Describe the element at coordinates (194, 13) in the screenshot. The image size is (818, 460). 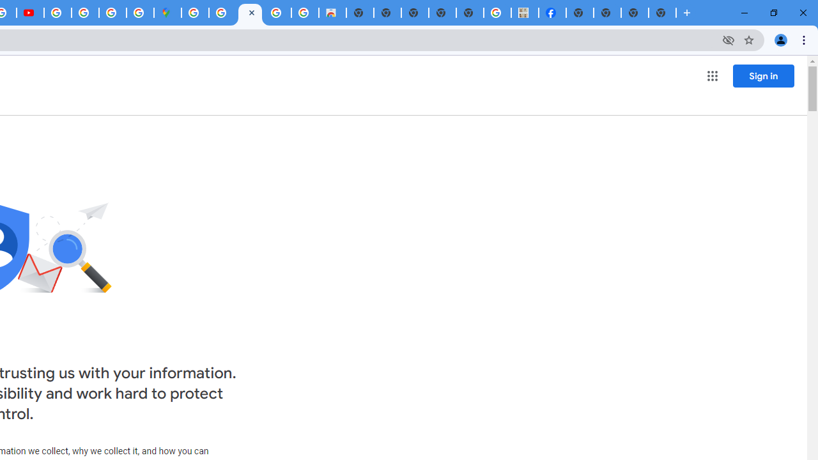
I see `'Sign in - Google Accounts'` at that location.